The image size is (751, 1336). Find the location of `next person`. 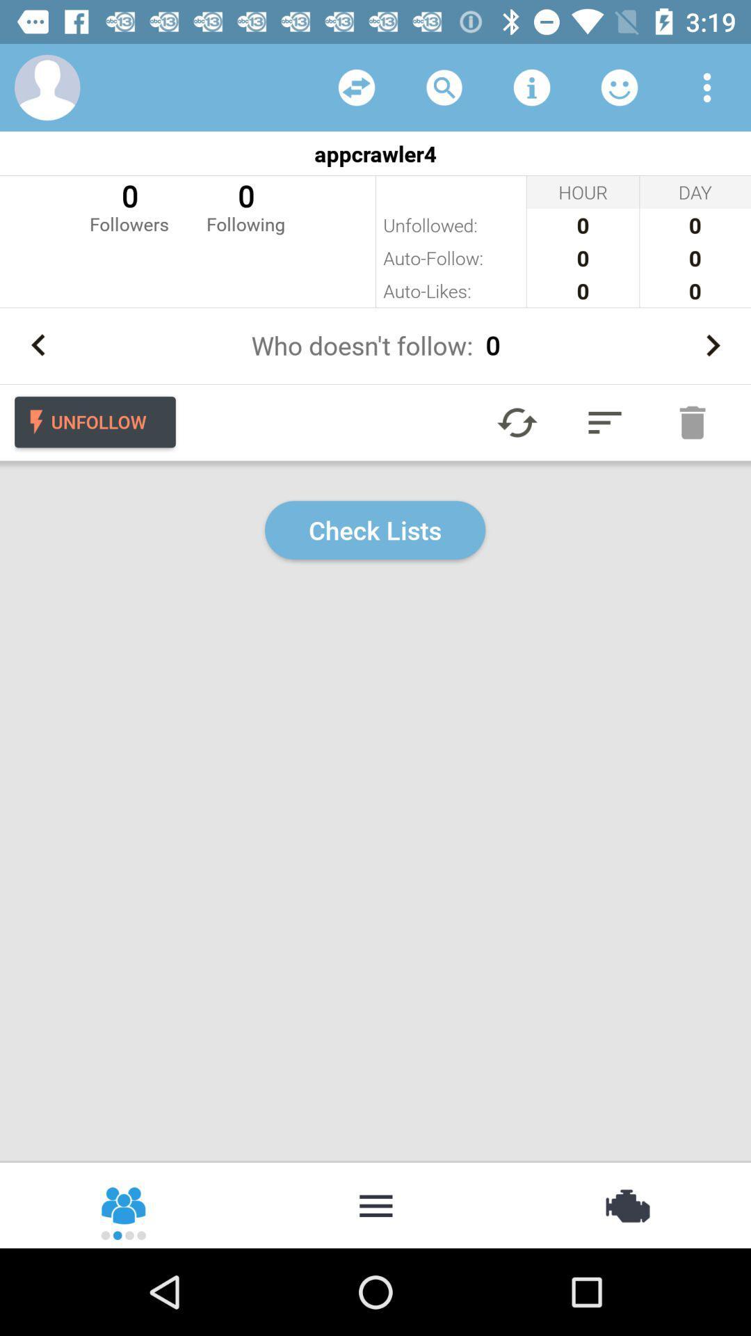

next person is located at coordinates (712, 345).